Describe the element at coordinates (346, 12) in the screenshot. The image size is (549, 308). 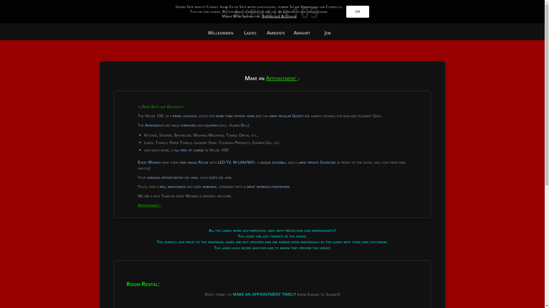
I see `'OK'` at that location.